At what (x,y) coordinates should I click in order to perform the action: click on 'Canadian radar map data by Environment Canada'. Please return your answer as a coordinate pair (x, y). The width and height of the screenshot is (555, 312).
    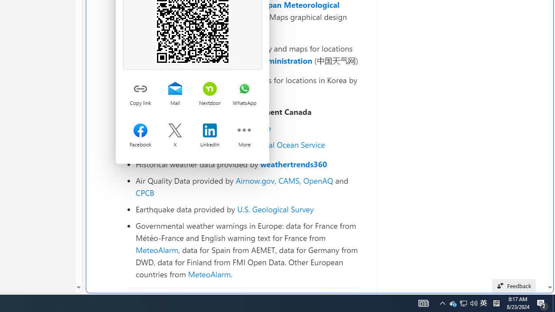
    Looking at the image, I should click on (247, 111).